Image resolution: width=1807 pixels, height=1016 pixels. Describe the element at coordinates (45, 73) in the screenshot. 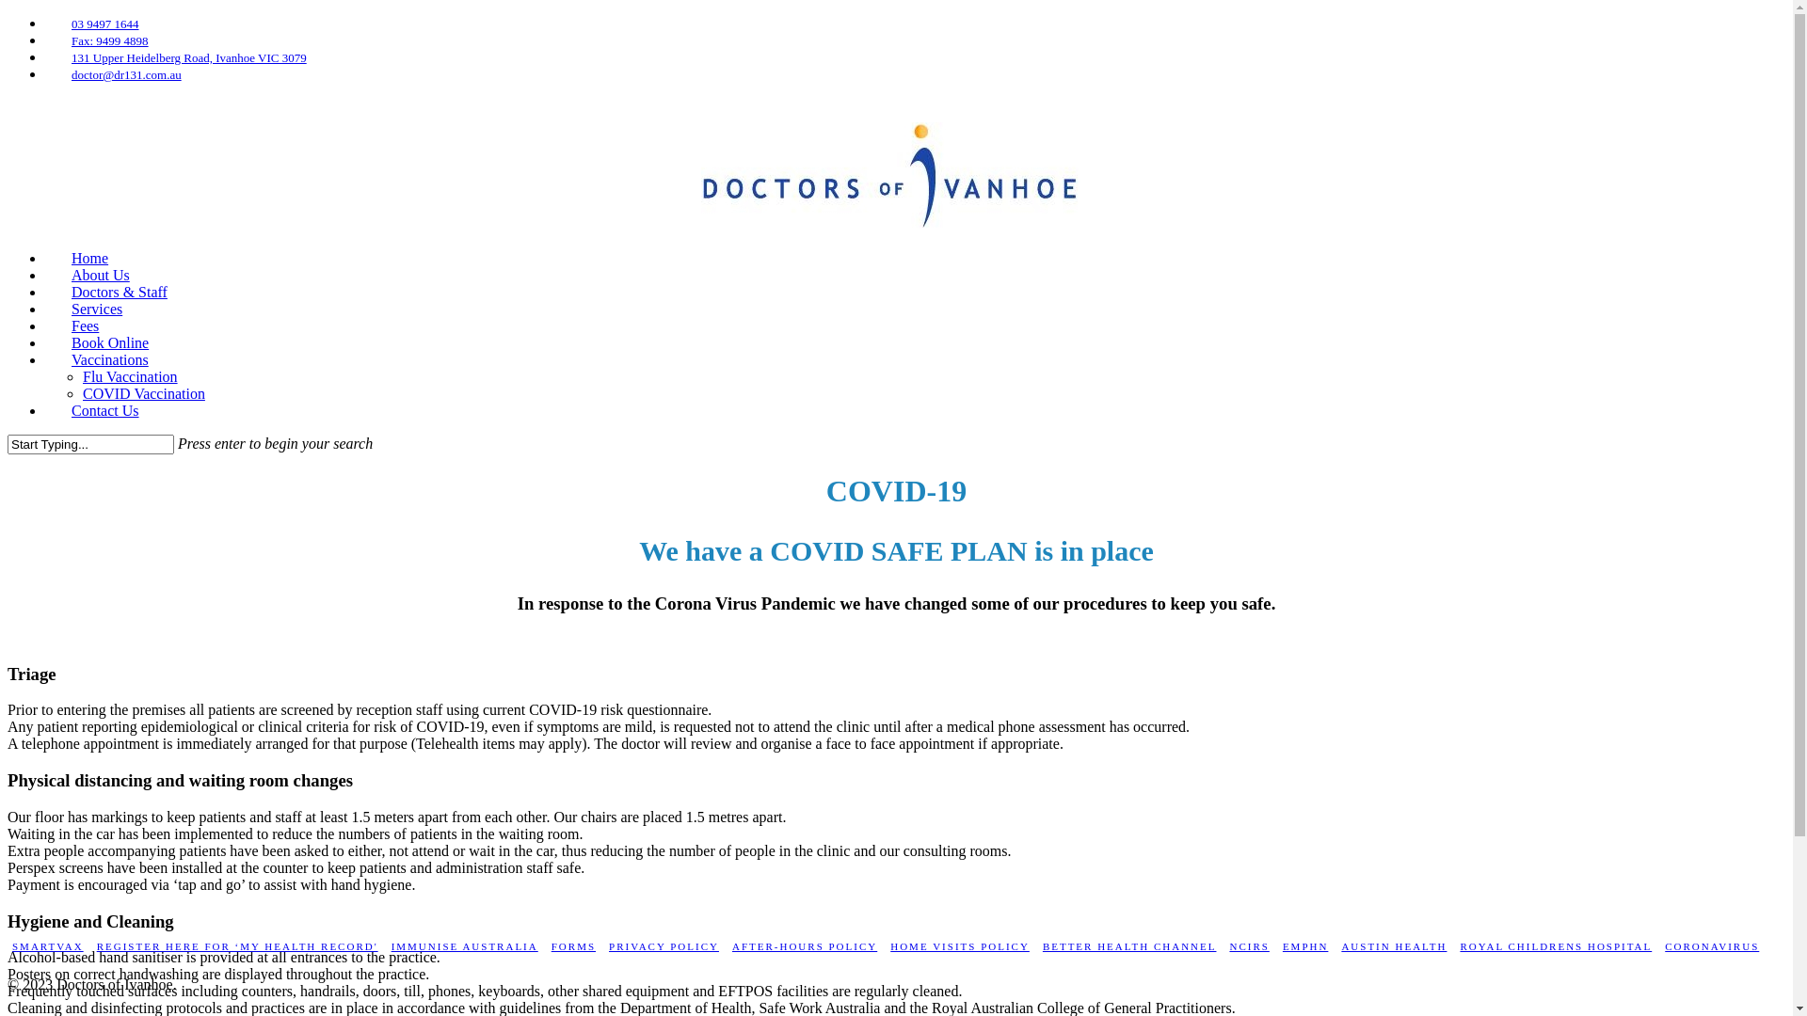

I see `'doctor@dr131.com.au'` at that location.